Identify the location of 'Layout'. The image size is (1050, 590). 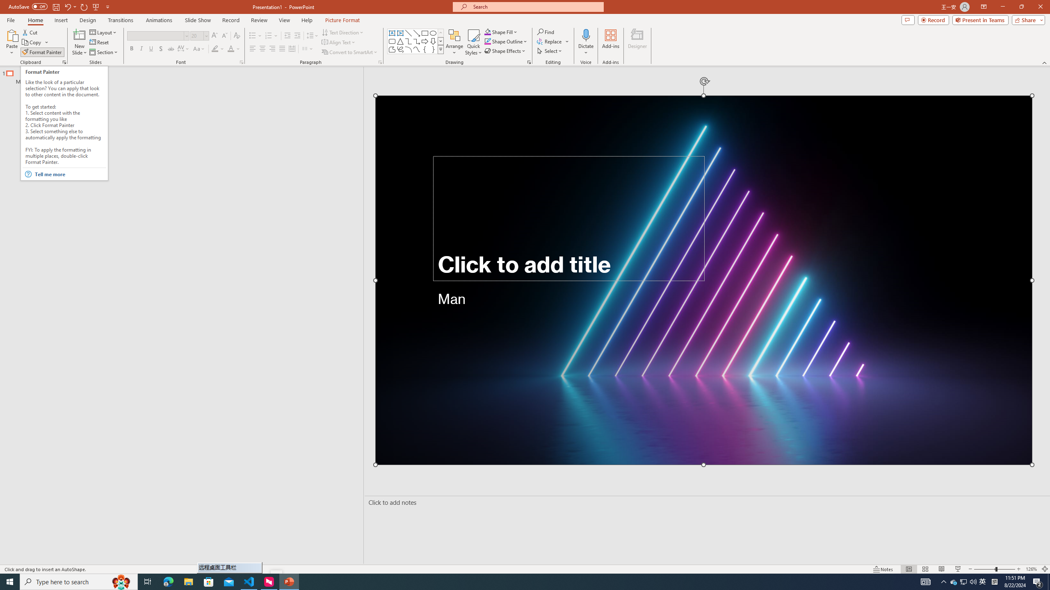
(103, 32).